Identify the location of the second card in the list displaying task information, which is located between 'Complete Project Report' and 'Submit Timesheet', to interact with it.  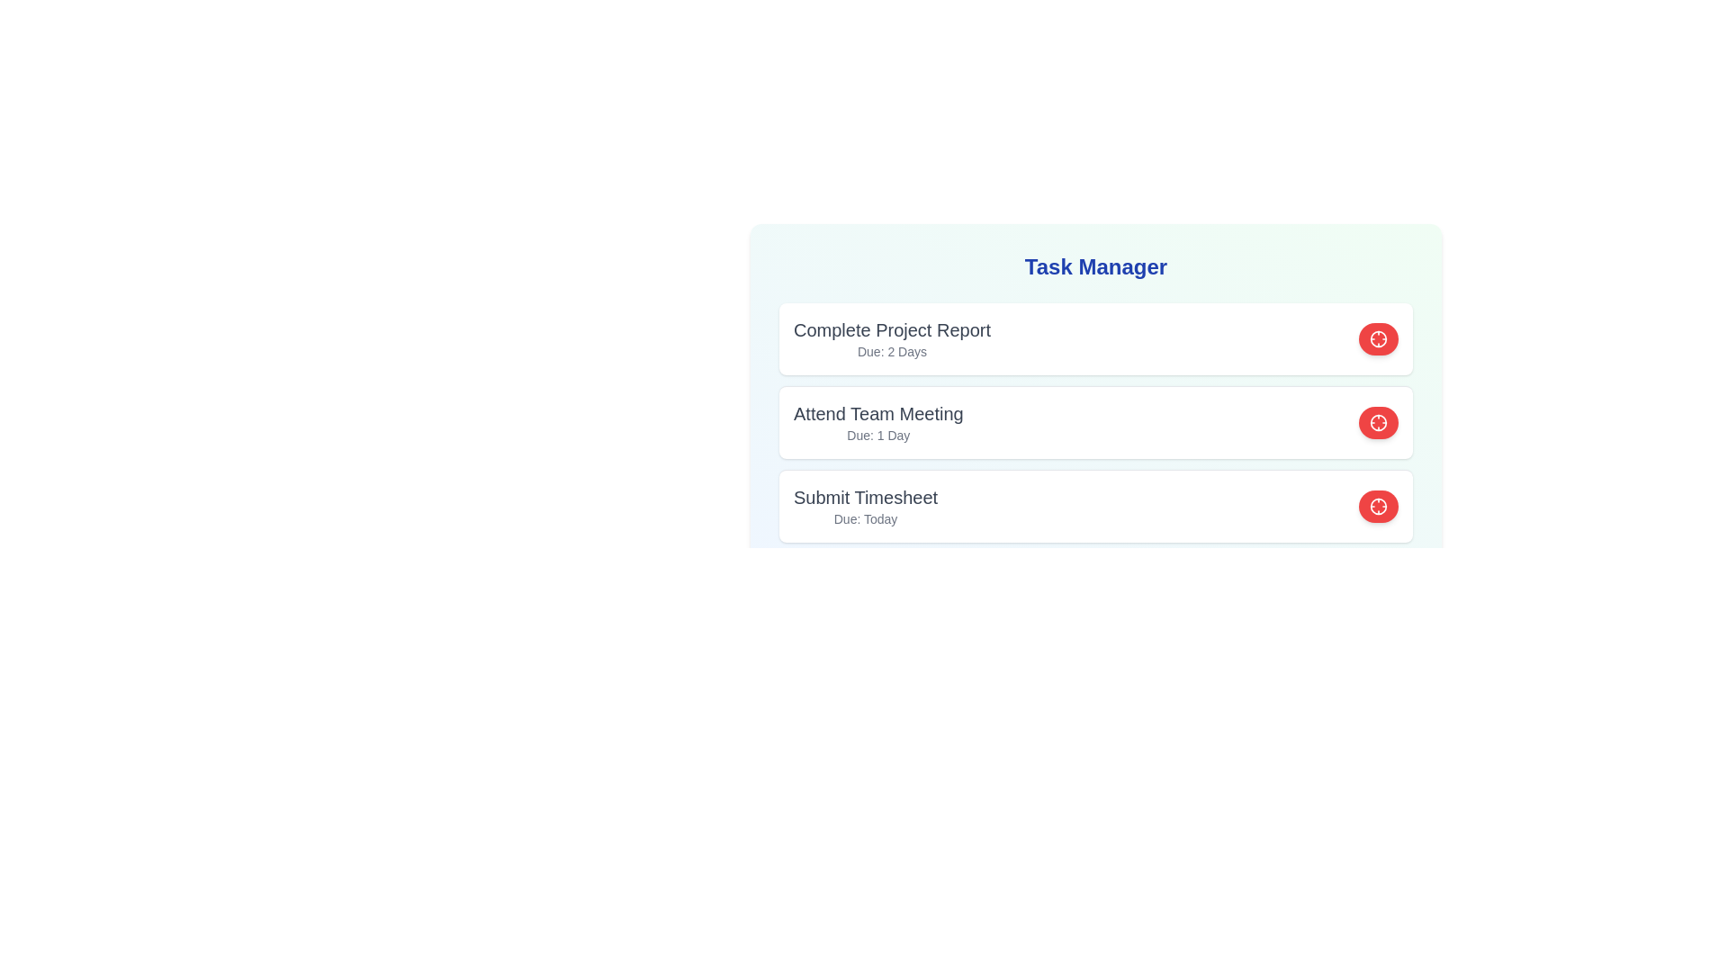
(1095, 401).